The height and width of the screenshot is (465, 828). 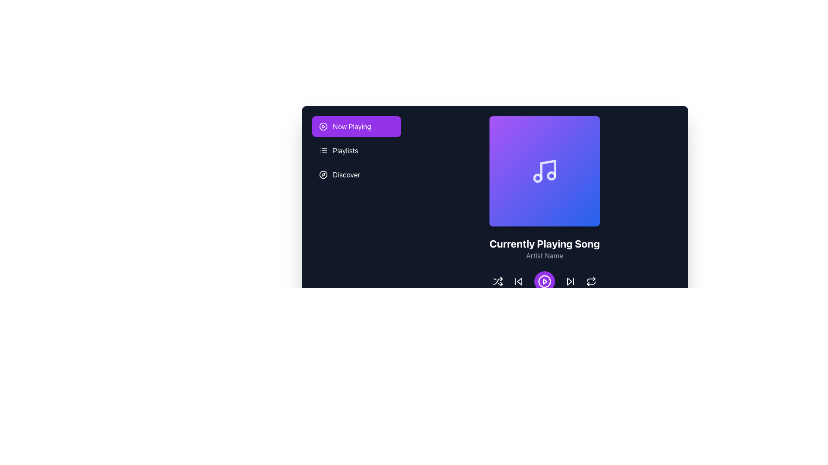 What do you see at coordinates (356, 174) in the screenshot?
I see `the 'Discover' button, which is the last item in the vertical navigation menu, featuring a compass icon and styled with rounded corners` at bounding box center [356, 174].